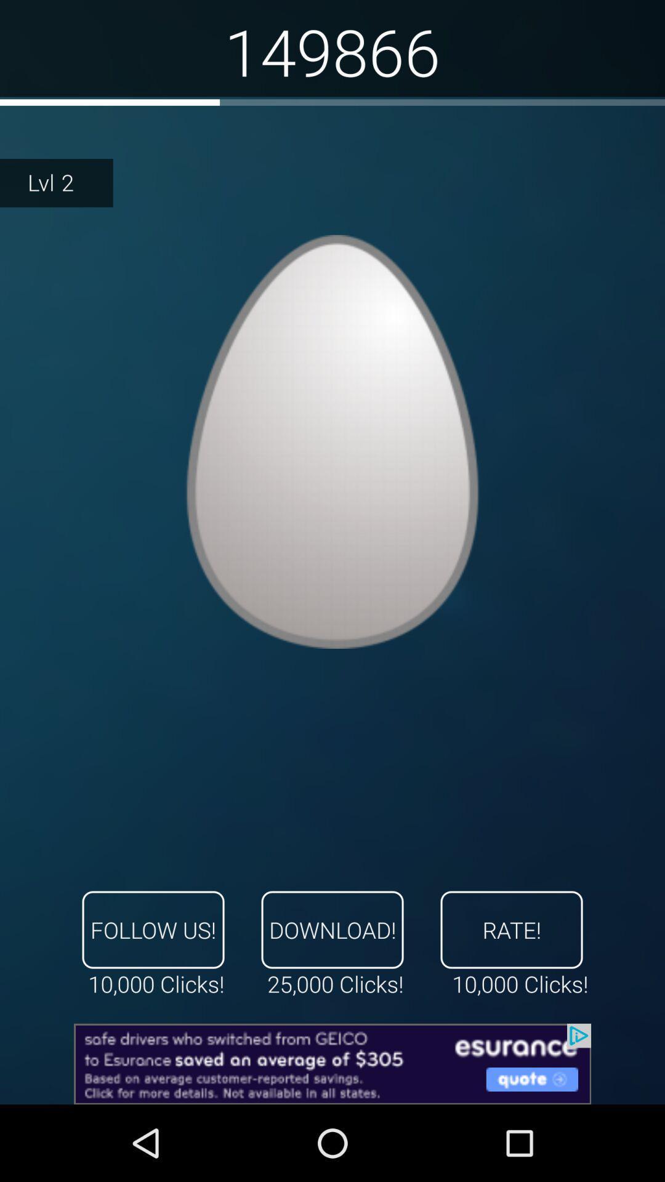  What do you see at coordinates (332, 1063) in the screenshot?
I see `click advertisement` at bounding box center [332, 1063].